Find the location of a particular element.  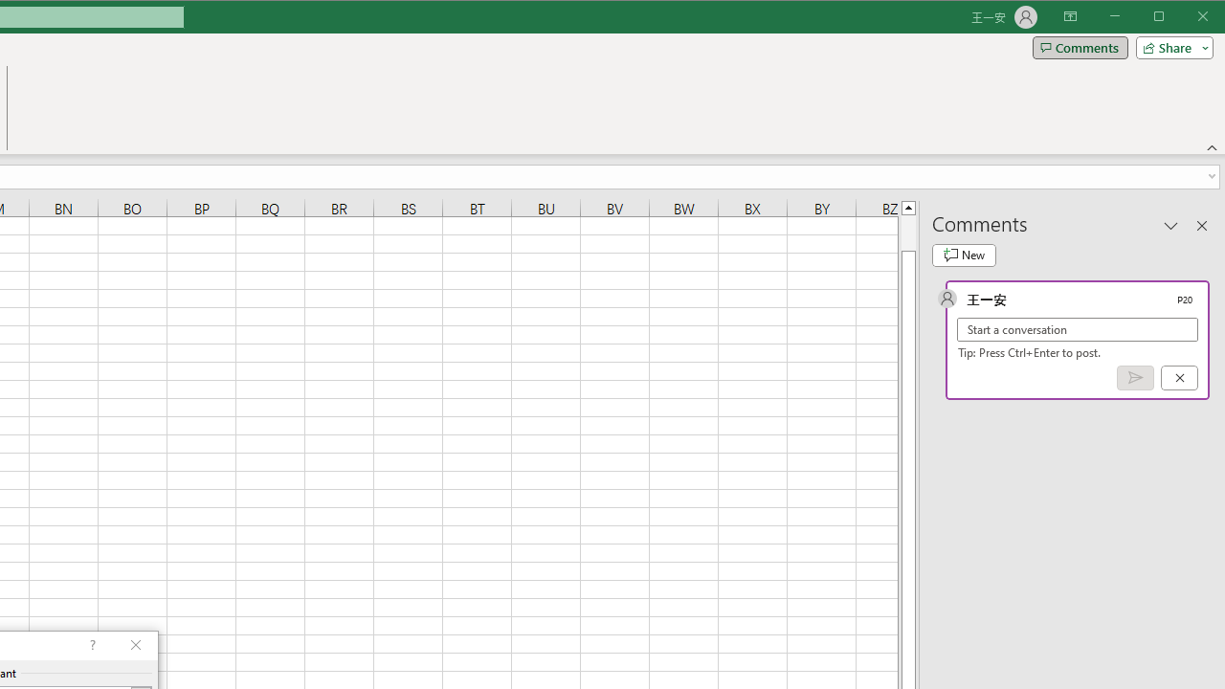

'Collapse the Ribbon' is located at coordinates (1212, 146).